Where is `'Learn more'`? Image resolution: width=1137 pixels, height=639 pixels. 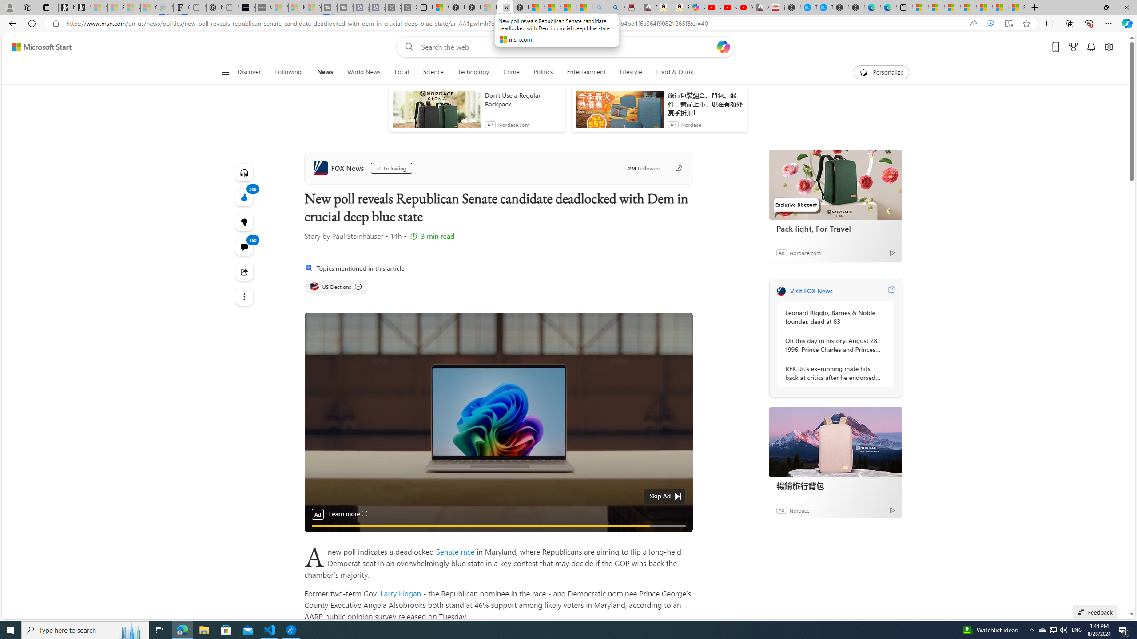 'Learn more' is located at coordinates (348, 513).